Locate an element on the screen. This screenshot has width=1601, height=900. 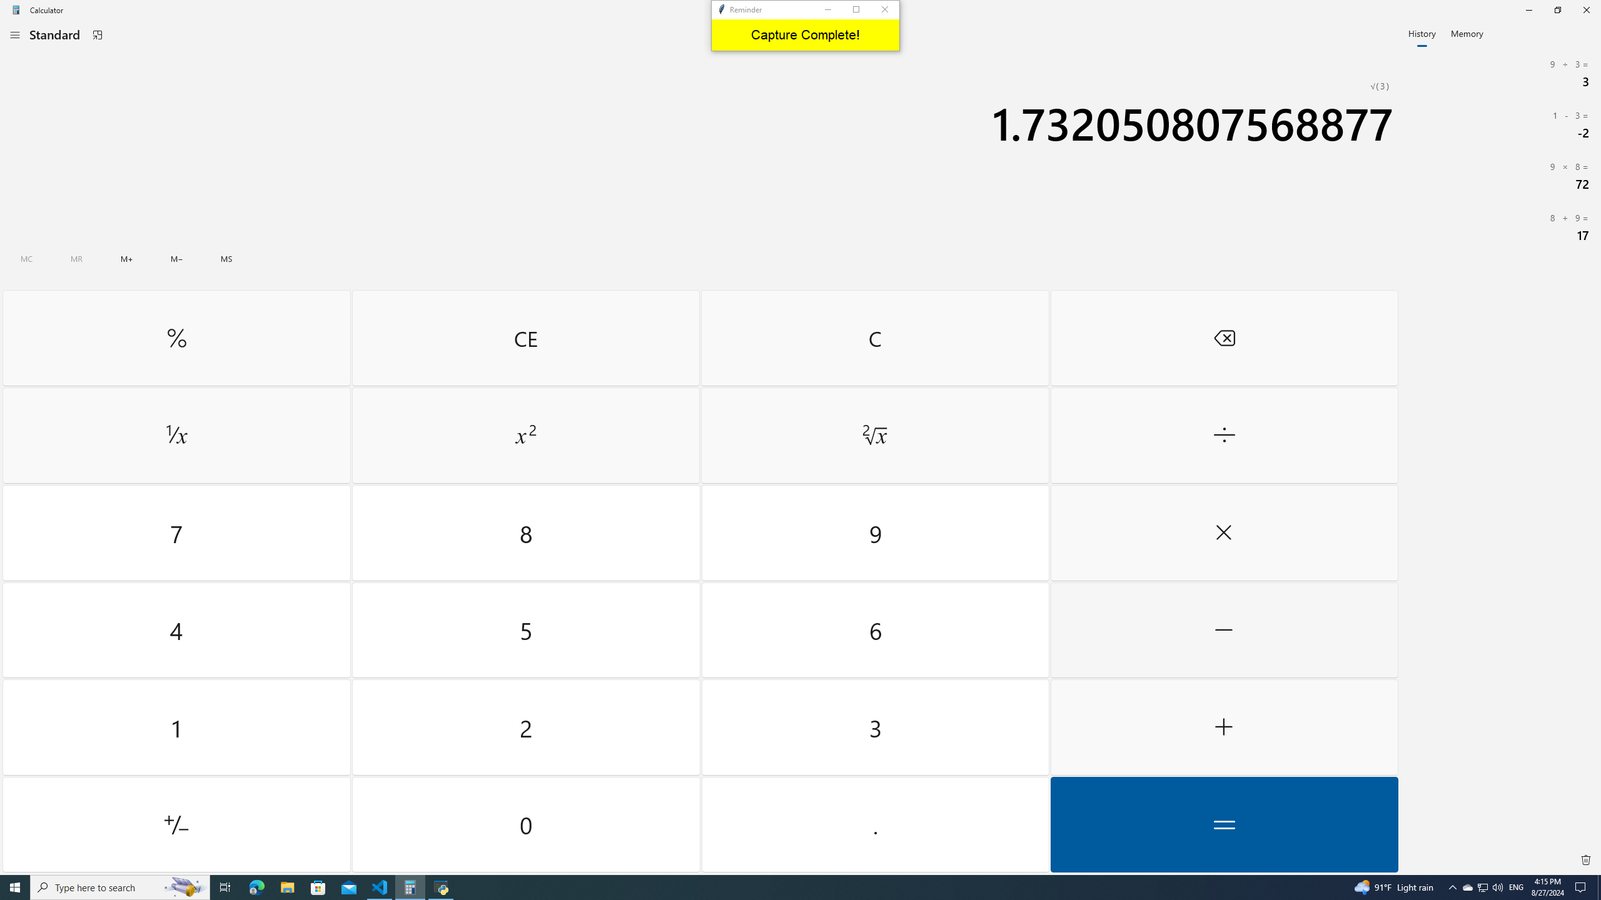
'Close Calculator' is located at coordinates (1585, 9).